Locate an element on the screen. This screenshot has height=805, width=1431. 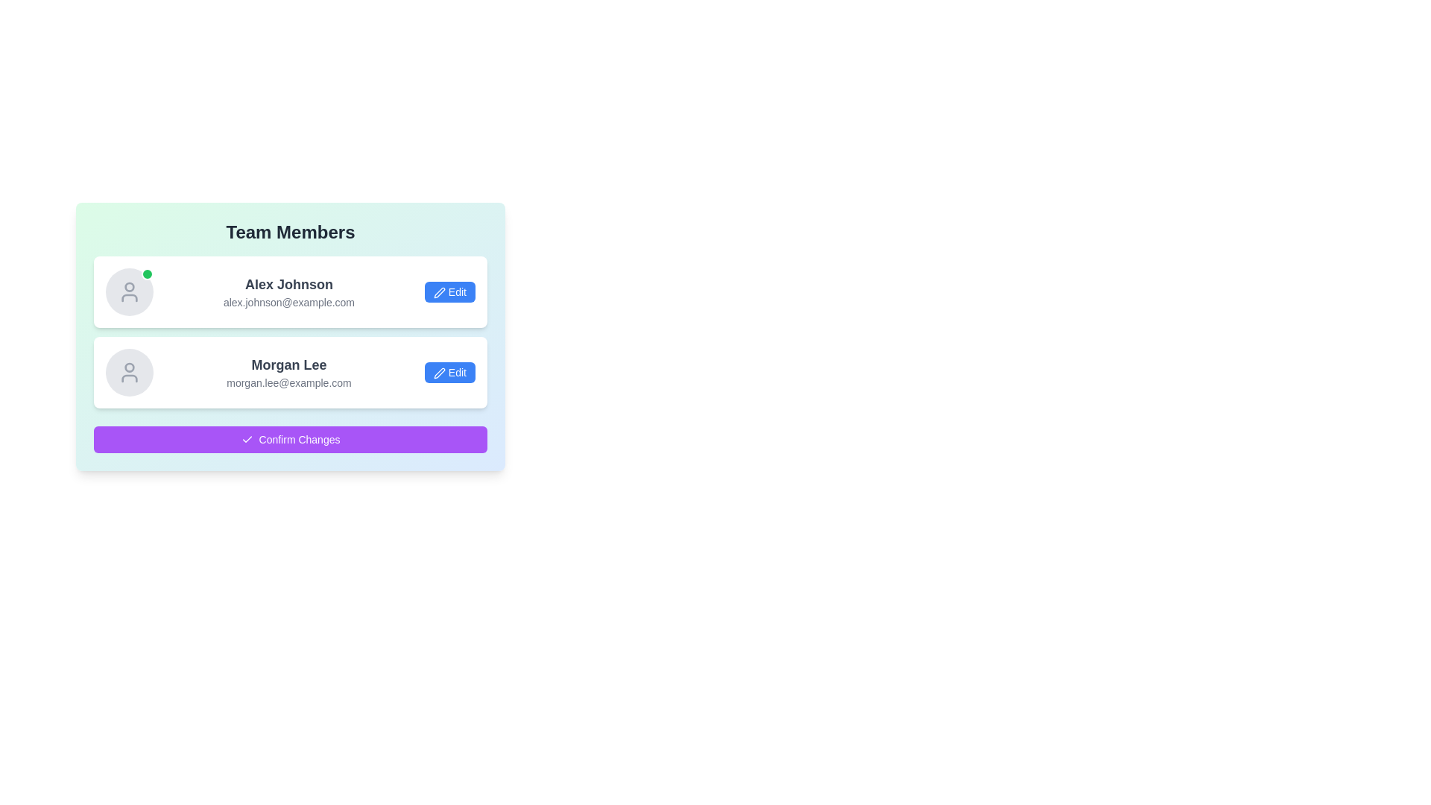
the text display block containing 'Morgan Lee' and 'morgan.lee@example.com' in the second user information card under the 'Team Members' section is located at coordinates (289, 372).